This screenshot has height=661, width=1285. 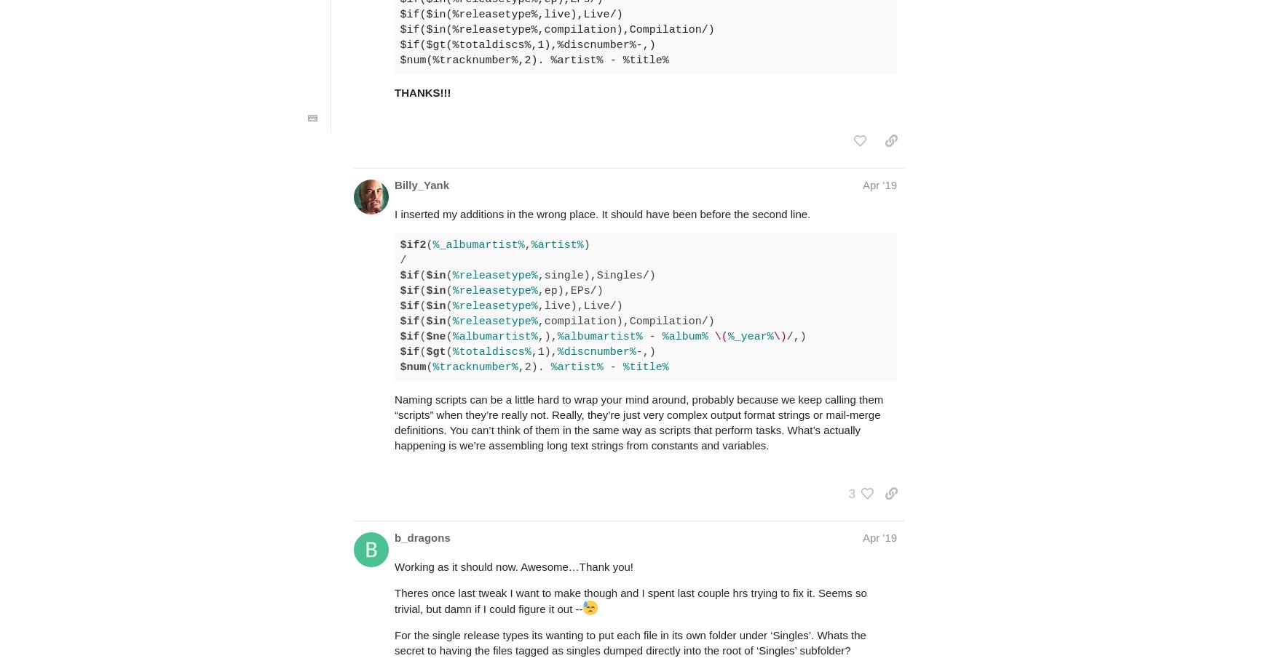 I want to click on '%title%', so click(x=645, y=366).